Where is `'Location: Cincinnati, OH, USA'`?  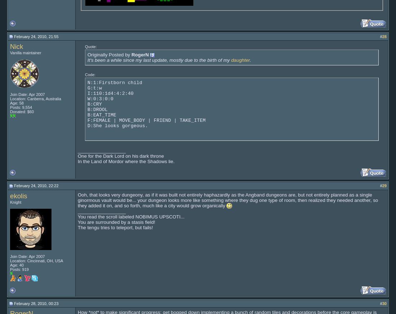
'Location: Cincinnati, OH, USA' is located at coordinates (36, 260).